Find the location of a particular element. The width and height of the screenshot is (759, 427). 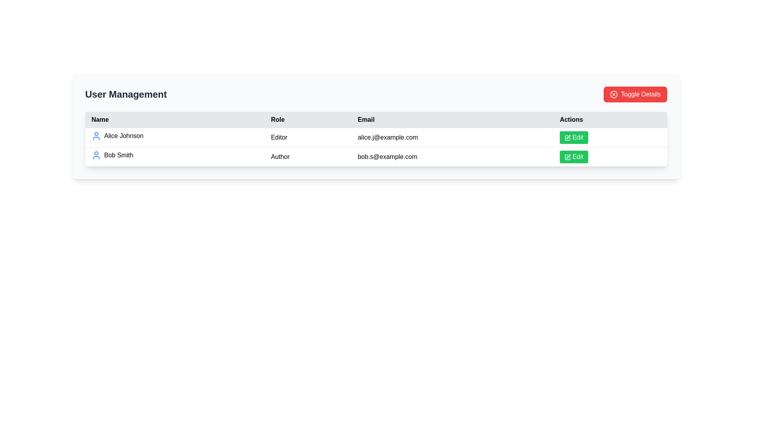

the user profile icon, which is a blue circular head and curved body located to the left of the text label 'Bob Smith' in the second row of the user management table is located at coordinates (96, 155).